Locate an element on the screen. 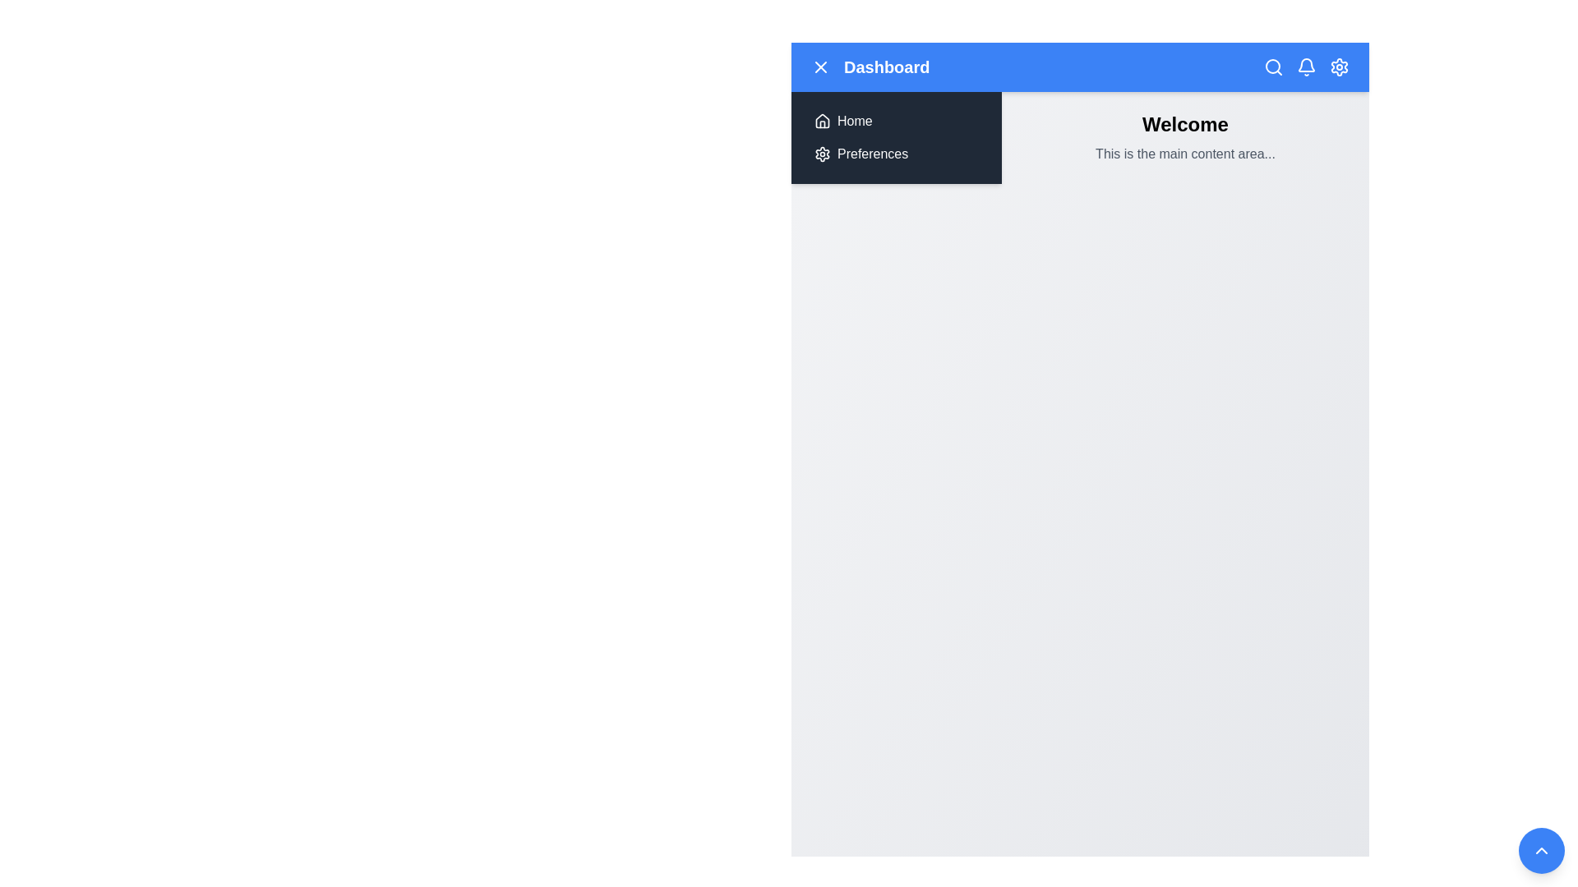 This screenshot has width=1578, height=887. the search icon button, which is a magnifying glass symbol located in the top right corner of the interface, to change its color to gray is located at coordinates (1273, 66).